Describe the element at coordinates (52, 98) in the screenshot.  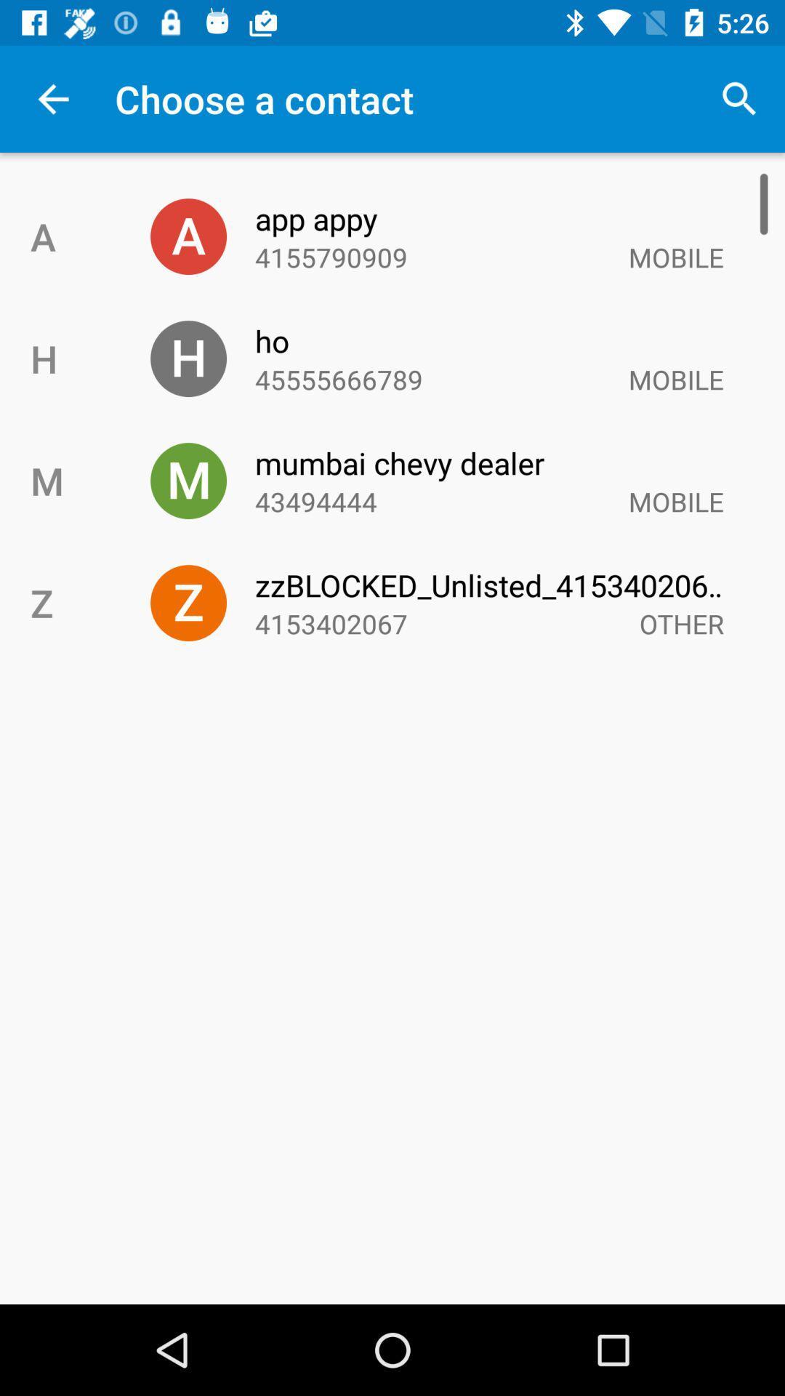
I see `the icon above a item` at that location.